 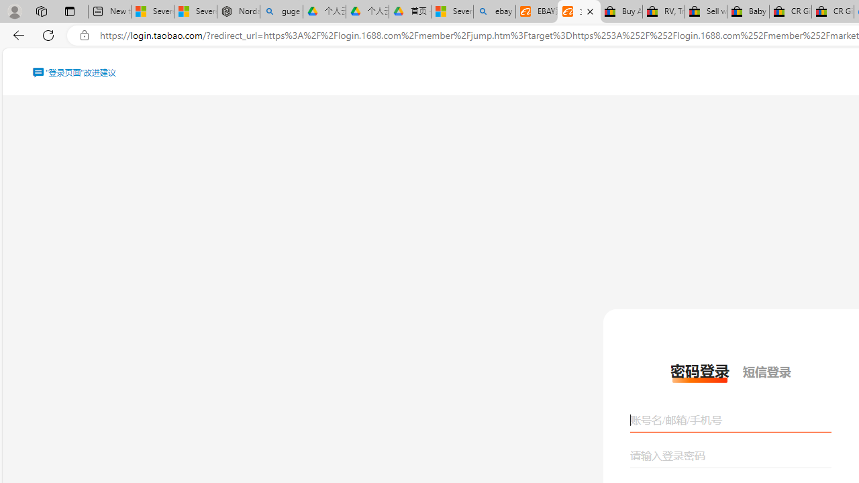 I want to click on 'New tab', so click(x=109, y=11).